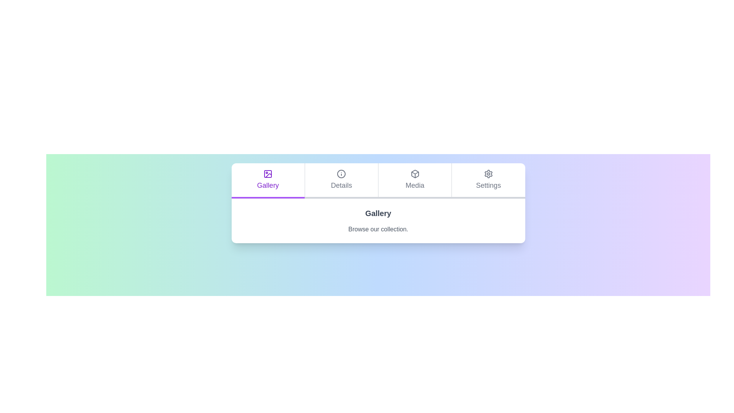 This screenshot has width=734, height=413. What do you see at coordinates (268, 181) in the screenshot?
I see `the Gallery tab by clicking on its label` at bounding box center [268, 181].